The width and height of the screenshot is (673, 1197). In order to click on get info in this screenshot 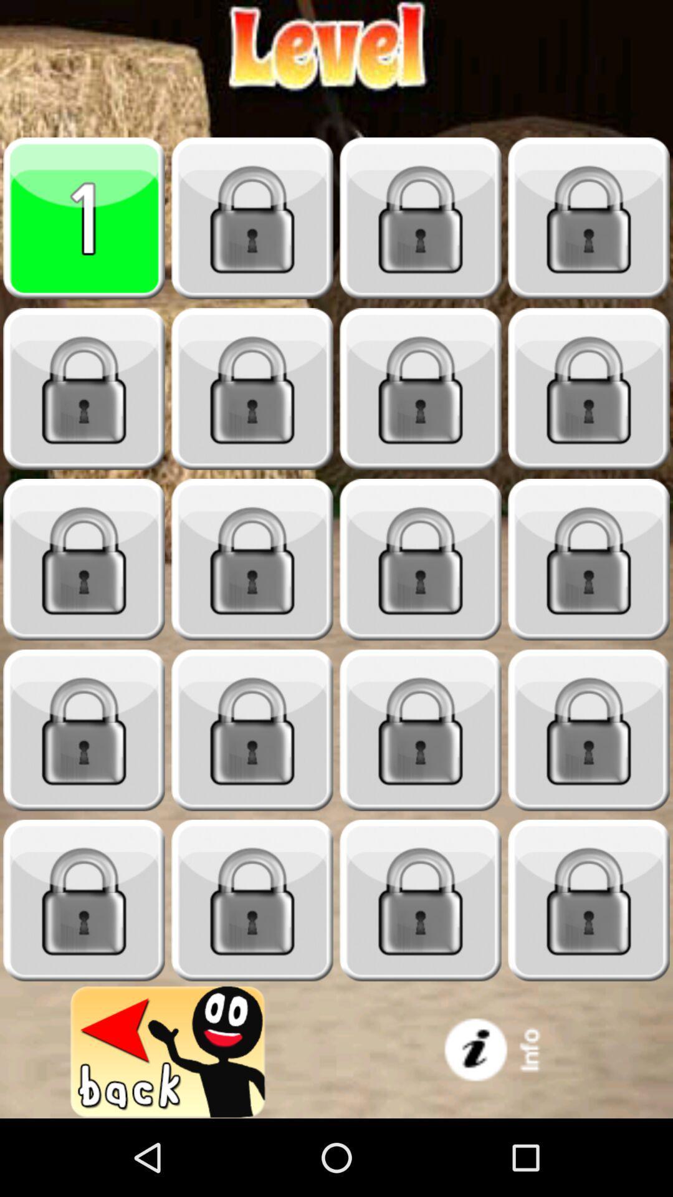, I will do `click(505, 1051)`.